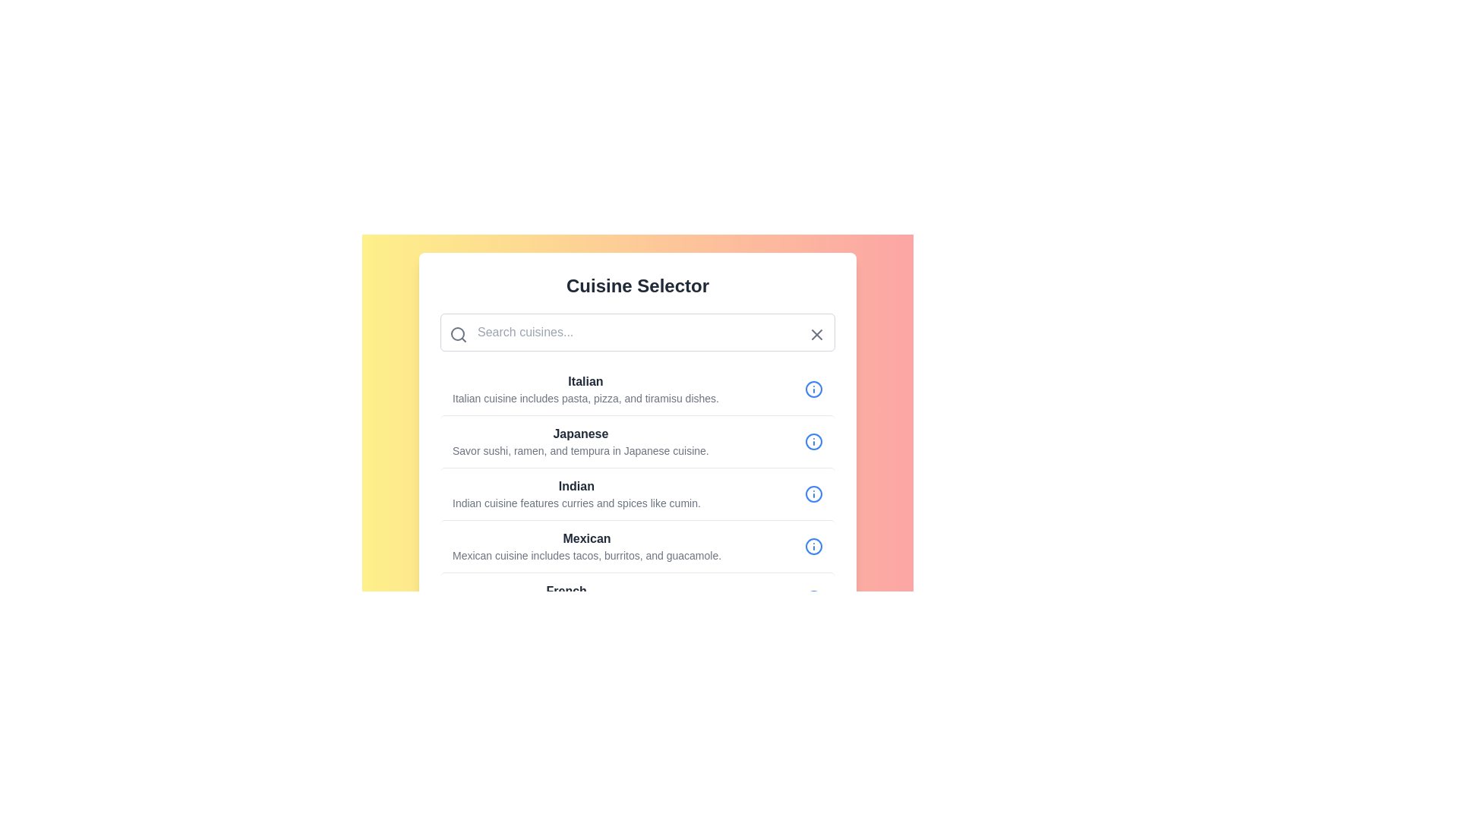 The height and width of the screenshot is (820, 1458). Describe the element at coordinates (813, 494) in the screenshot. I see `the informational indicator icon located at the far right of the row labeled 'Indian'` at that location.